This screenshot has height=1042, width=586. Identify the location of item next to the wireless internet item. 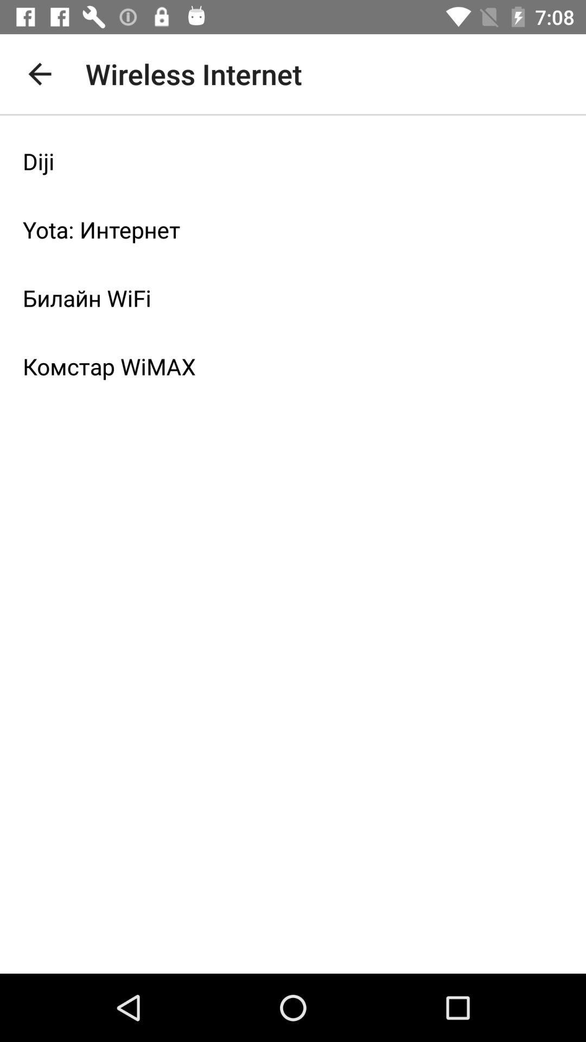
(39, 73).